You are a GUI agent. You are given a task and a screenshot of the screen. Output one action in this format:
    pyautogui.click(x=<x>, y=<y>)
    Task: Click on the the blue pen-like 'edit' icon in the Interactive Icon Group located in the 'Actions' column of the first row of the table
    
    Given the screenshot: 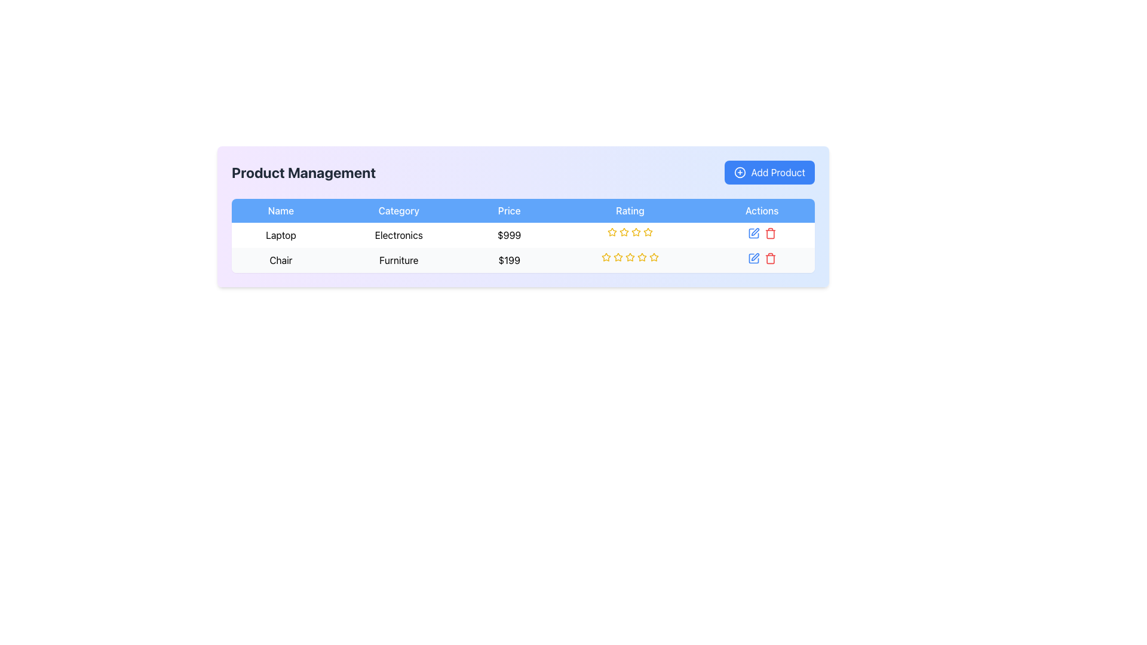 What is the action you would take?
    pyautogui.click(x=761, y=235)
    